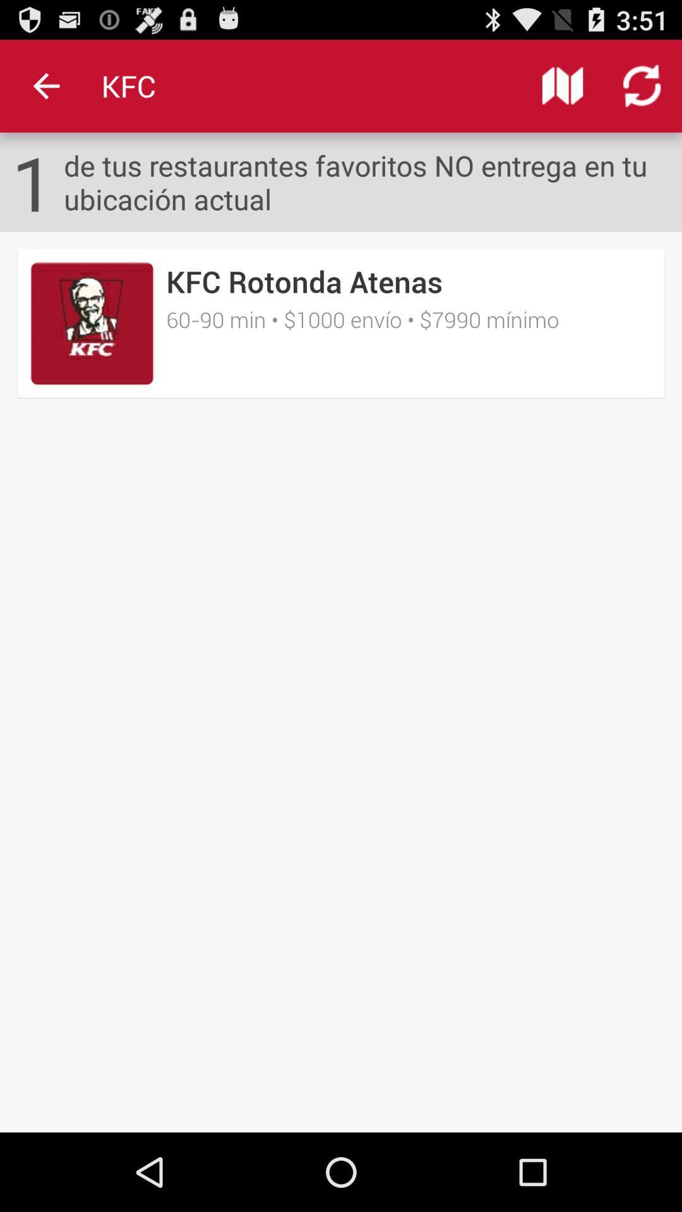 The image size is (682, 1212). Describe the element at coordinates (45, 85) in the screenshot. I see `item to the left of the kfc item` at that location.